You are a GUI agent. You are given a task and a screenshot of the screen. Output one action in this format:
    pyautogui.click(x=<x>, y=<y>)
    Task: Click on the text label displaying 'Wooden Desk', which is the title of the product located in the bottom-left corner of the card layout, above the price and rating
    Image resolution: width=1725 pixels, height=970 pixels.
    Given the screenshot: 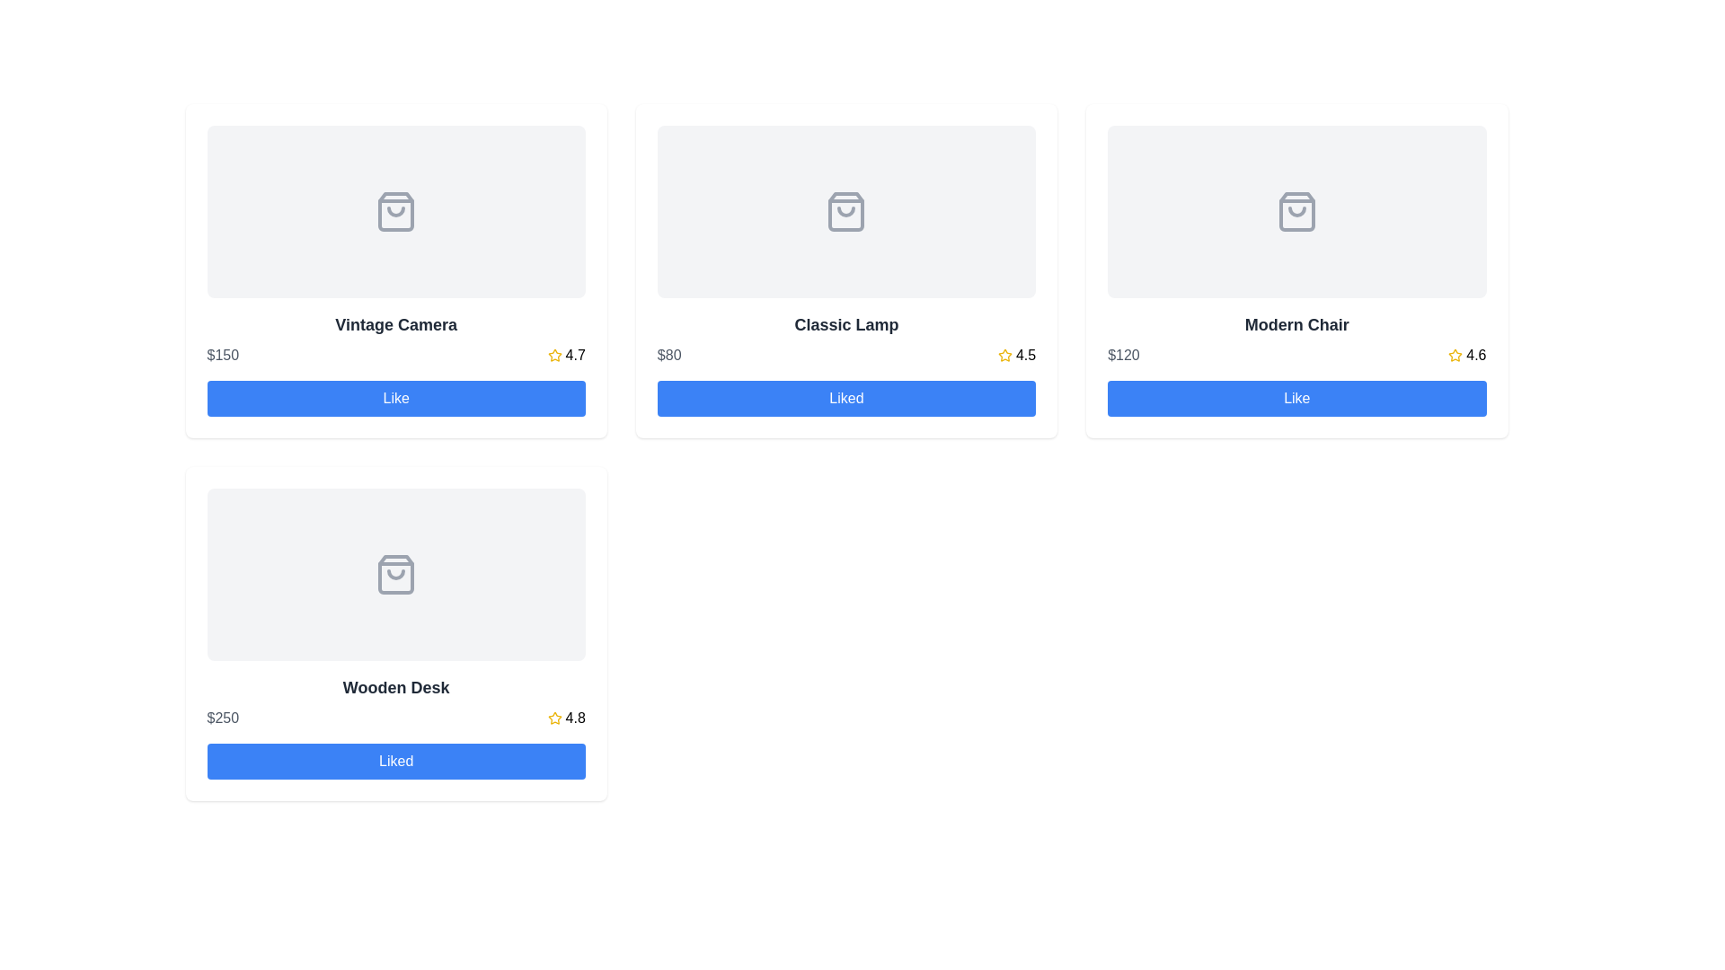 What is the action you would take?
    pyautogui.click(x=395, y=687)
    